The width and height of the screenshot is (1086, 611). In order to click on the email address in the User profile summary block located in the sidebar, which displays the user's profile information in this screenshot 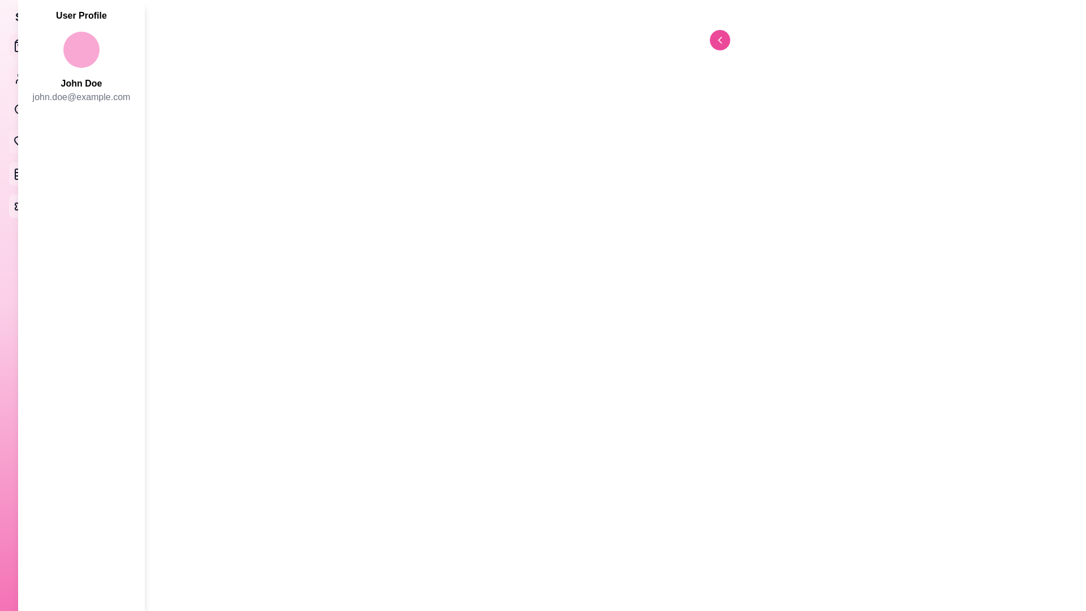, I will do `click(81, 72)`.